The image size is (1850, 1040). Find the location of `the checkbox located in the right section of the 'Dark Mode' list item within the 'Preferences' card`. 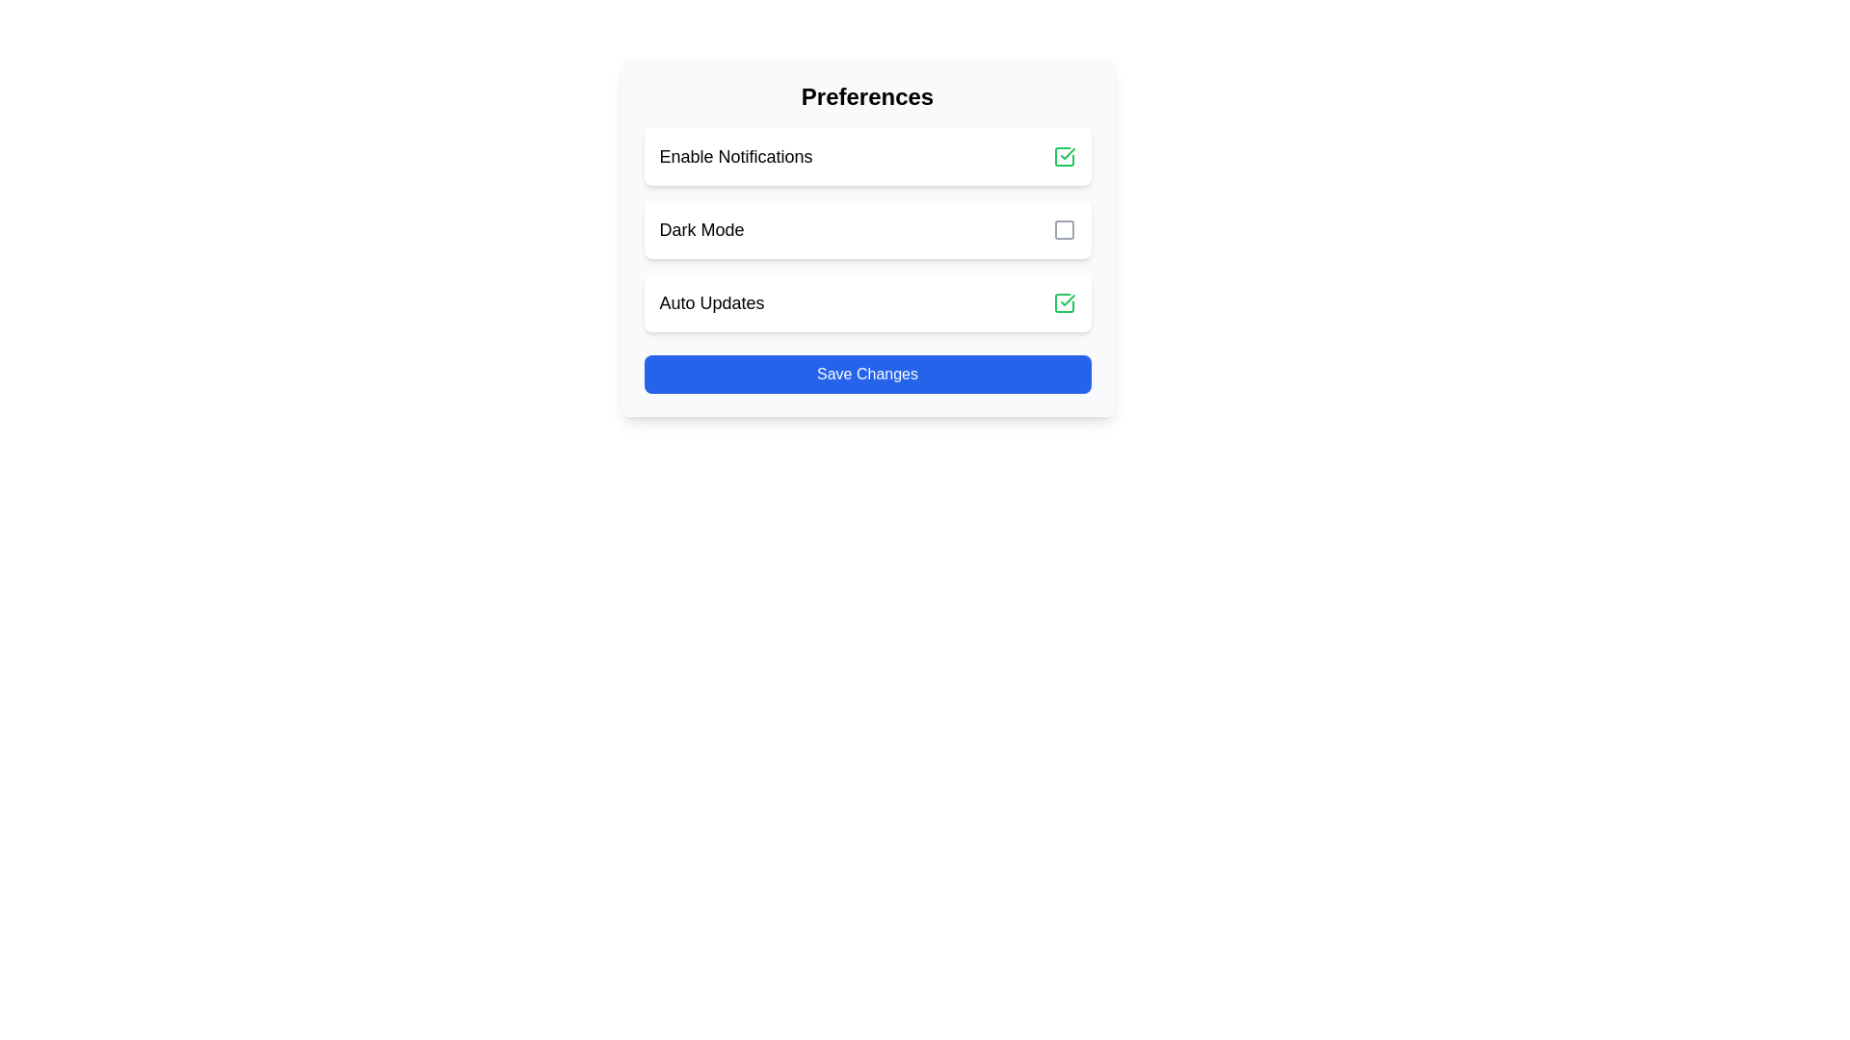

the checkbox located in the right section of the 'Dark Mode' list item within the 'Preferences' card is located at coordinates (1063, 229).